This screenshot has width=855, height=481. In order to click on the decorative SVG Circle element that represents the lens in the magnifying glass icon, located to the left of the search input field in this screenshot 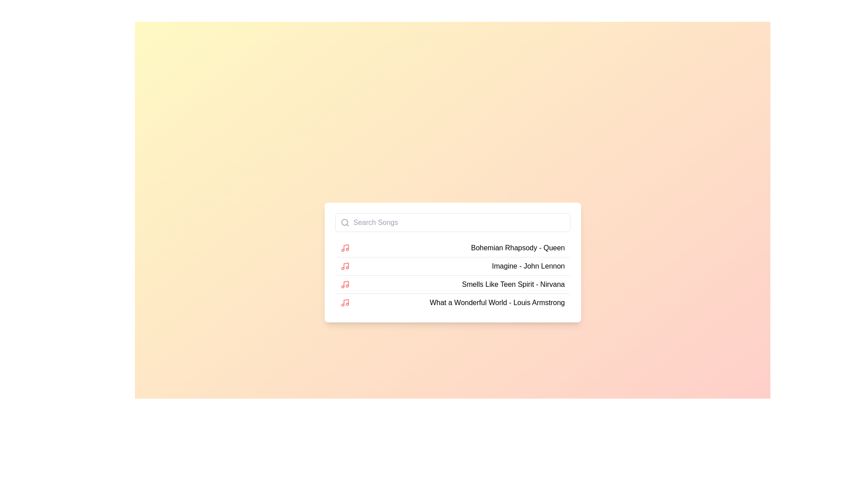, I will do `click(344, 221)`.